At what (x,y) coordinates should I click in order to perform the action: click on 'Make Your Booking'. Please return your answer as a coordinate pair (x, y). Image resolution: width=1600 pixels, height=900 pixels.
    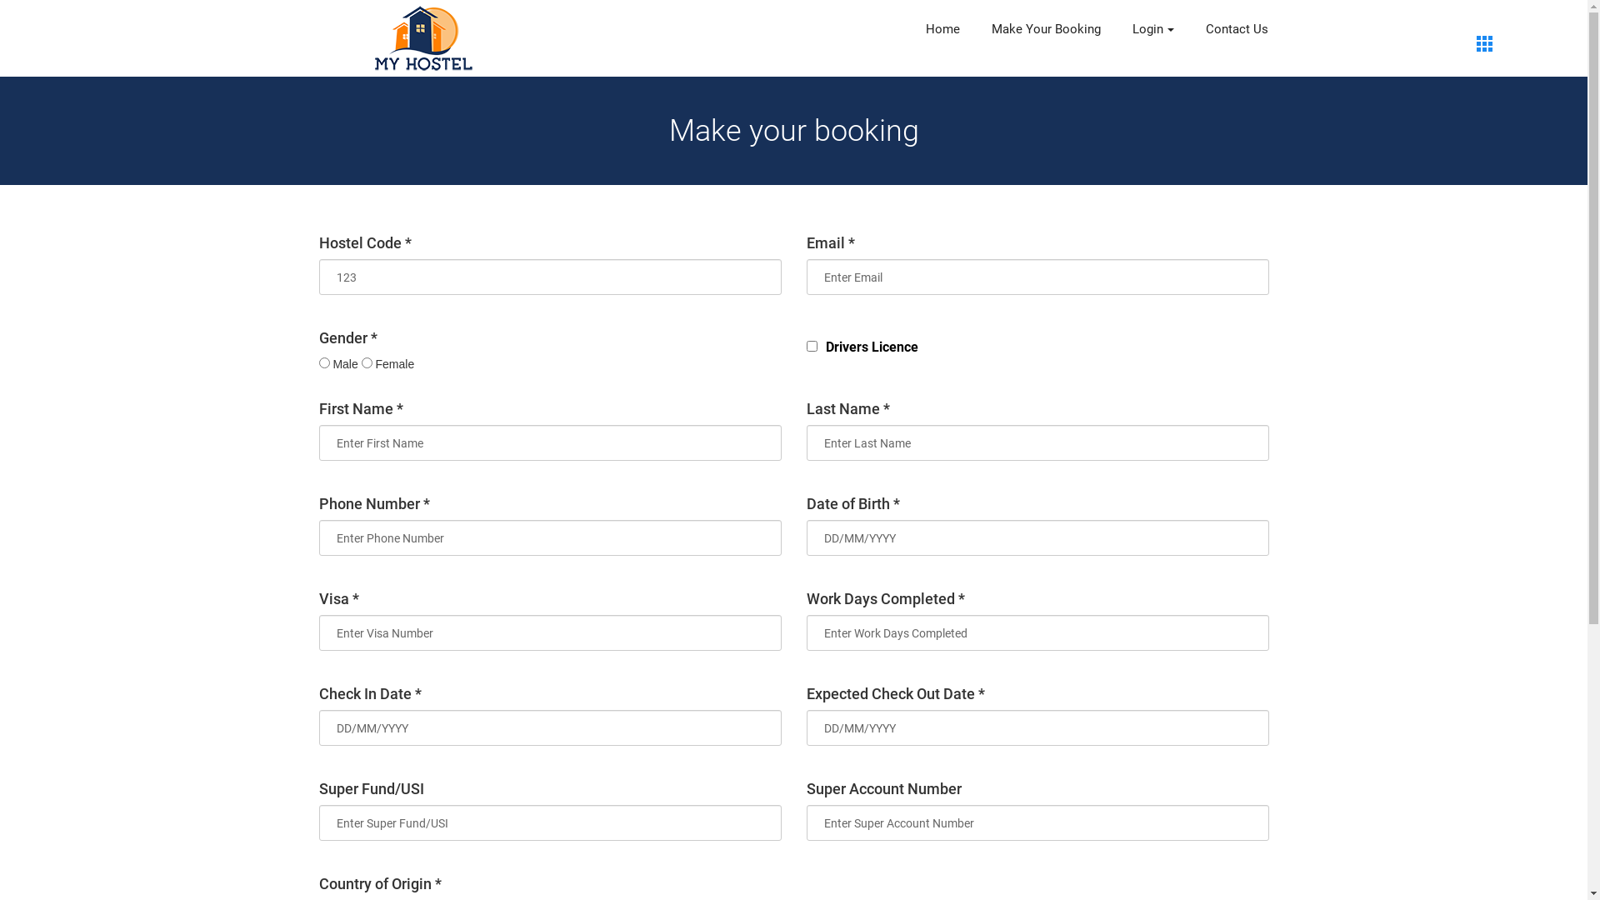
    Looking at the image, I should click on (1045, 29).